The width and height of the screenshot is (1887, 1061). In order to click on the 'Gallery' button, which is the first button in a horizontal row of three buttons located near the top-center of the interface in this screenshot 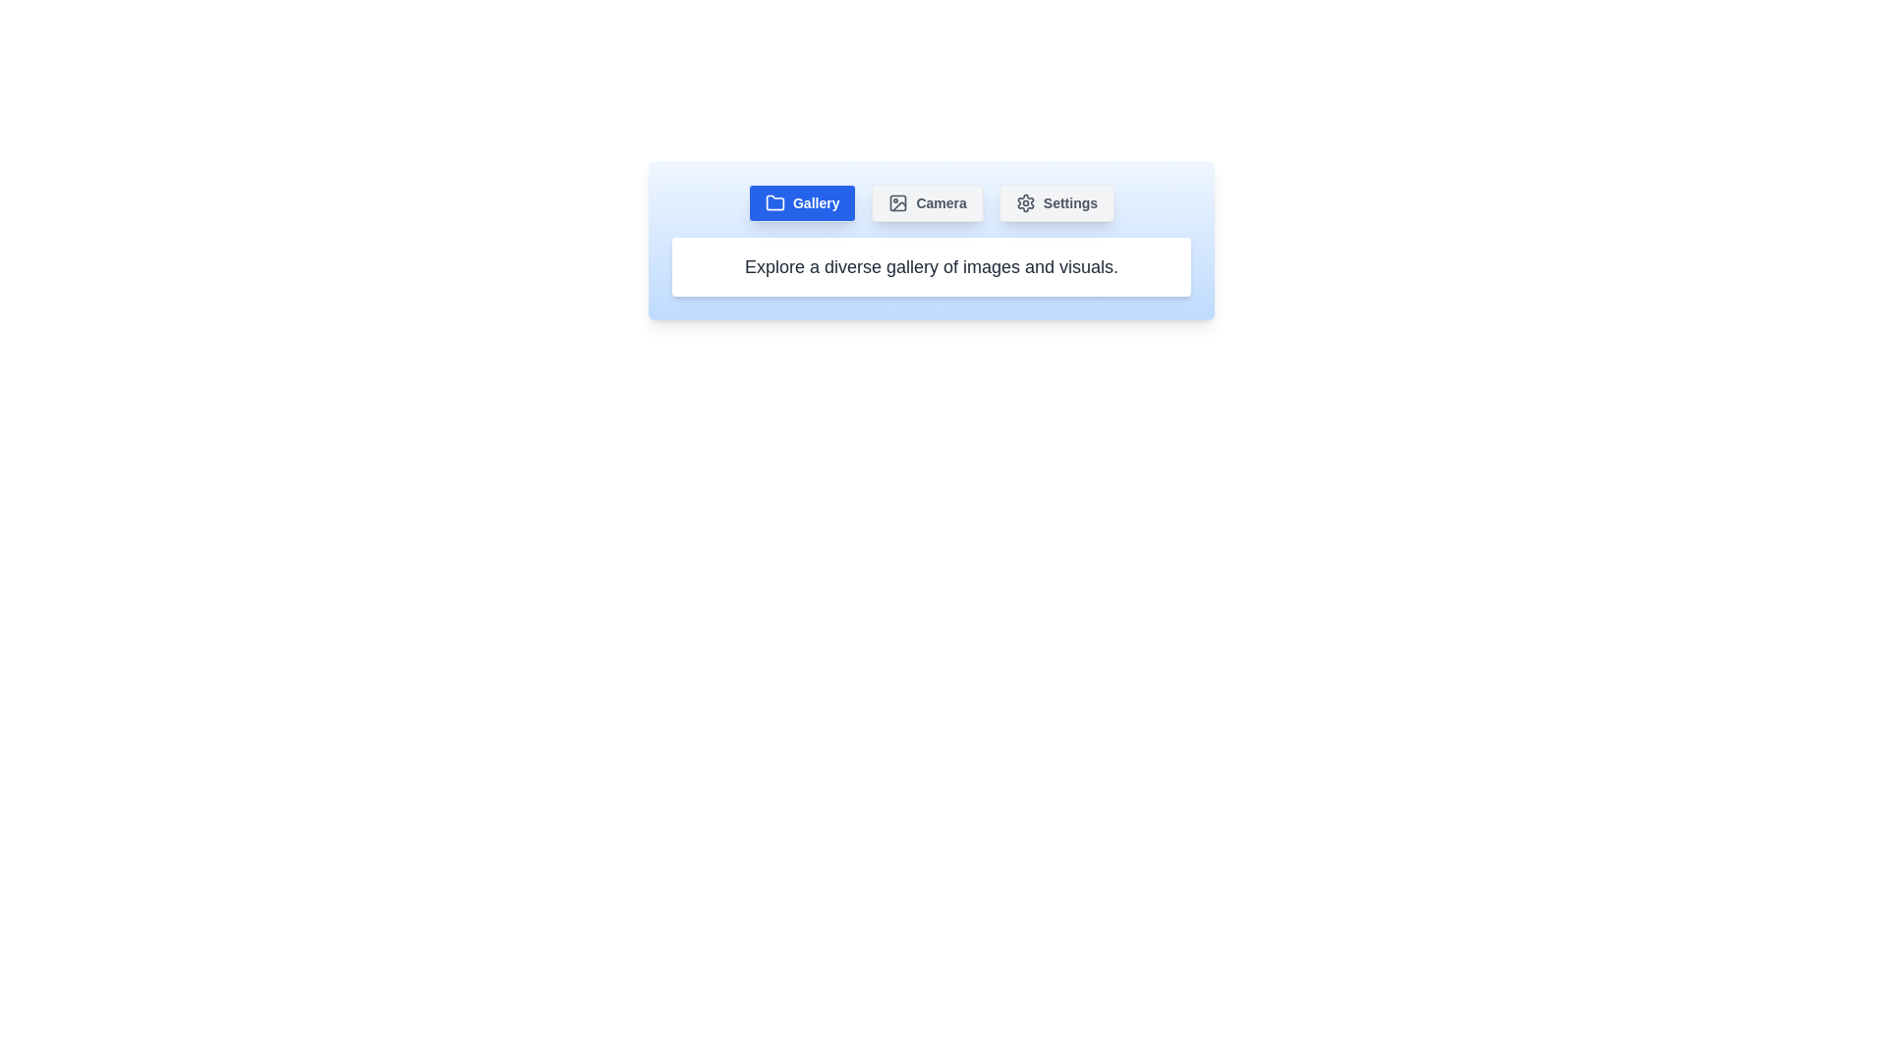, I will do `click(802, 203)`.